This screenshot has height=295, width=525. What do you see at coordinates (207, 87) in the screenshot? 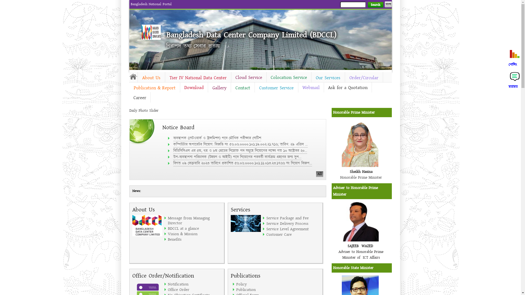
I see `'Gallery'` at bounding box center [207, 87].